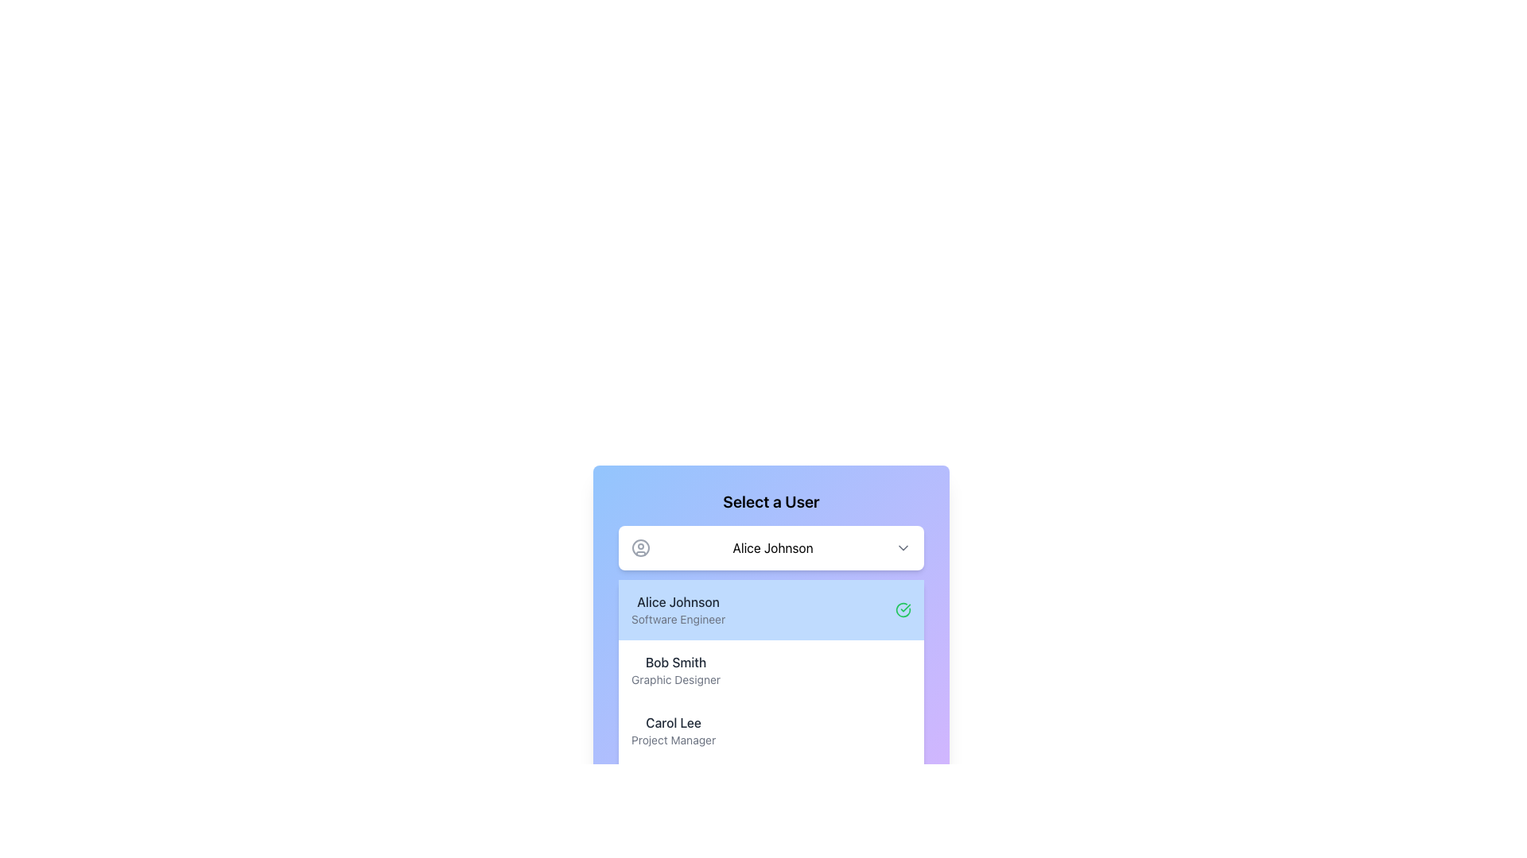  What do you see at coordinates (903, 609) in the screenshot?
I see `the selection indication by clicking on the icon located at the top-right corner of the selection panel labeled 'Alice Johnson Software Engineer'` at bounding box center [903, 609].